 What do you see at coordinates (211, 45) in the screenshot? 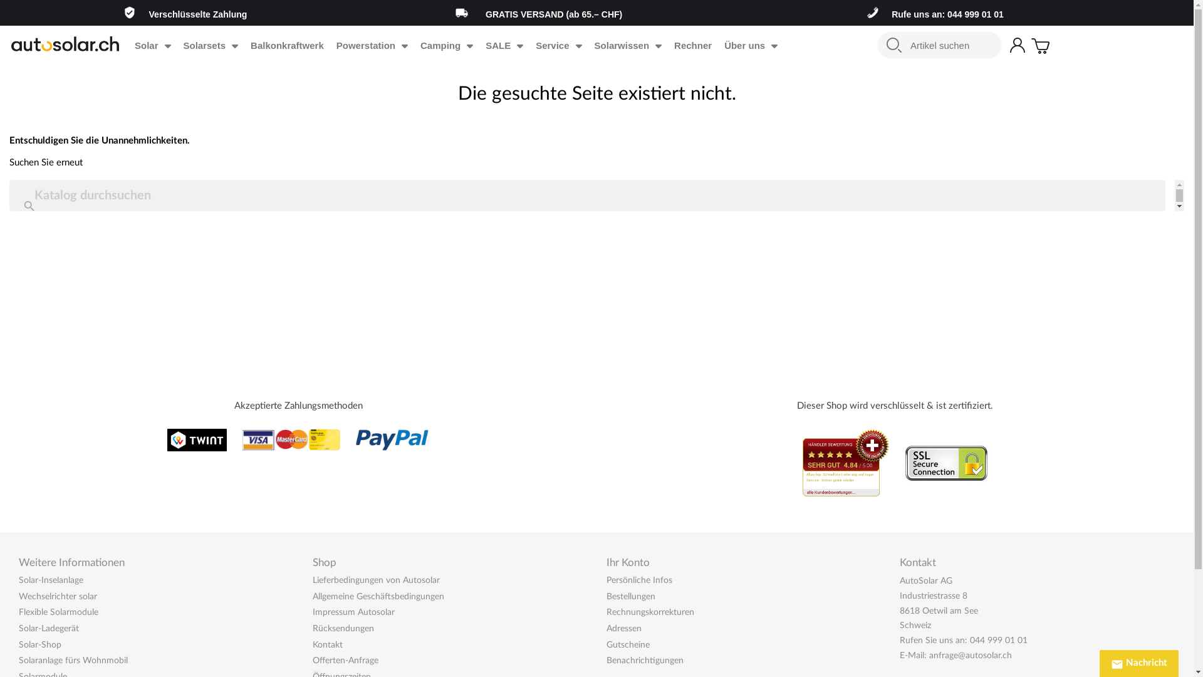
I see `'Solarsets'` at bounding box center [211, 45].